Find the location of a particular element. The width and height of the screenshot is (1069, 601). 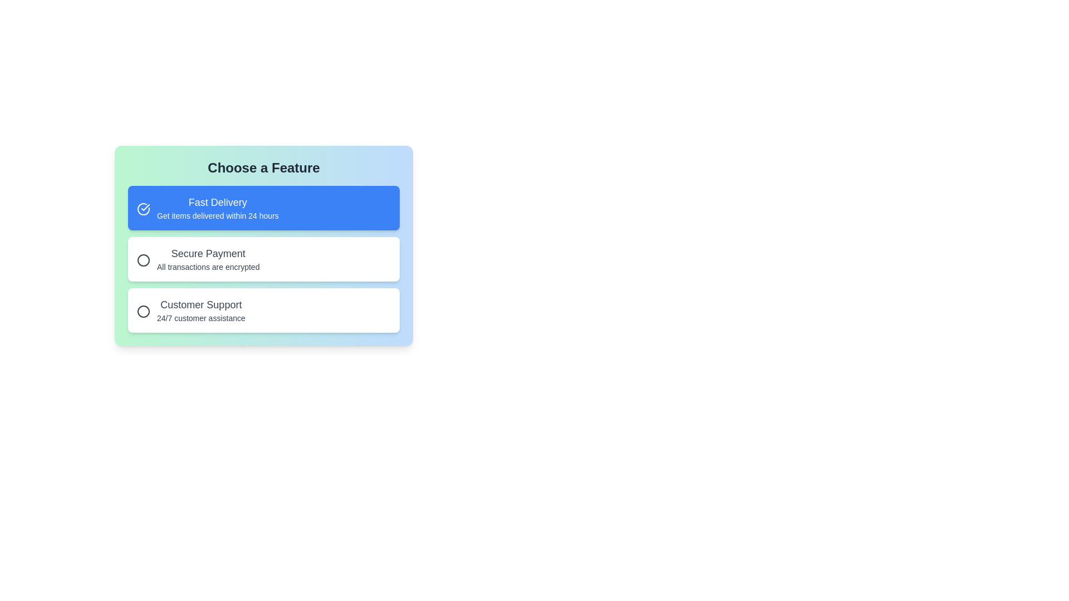

the descriptive text label for the 'Customer Support' option, which provides details about the service availability is located at coordinates (201, 318).